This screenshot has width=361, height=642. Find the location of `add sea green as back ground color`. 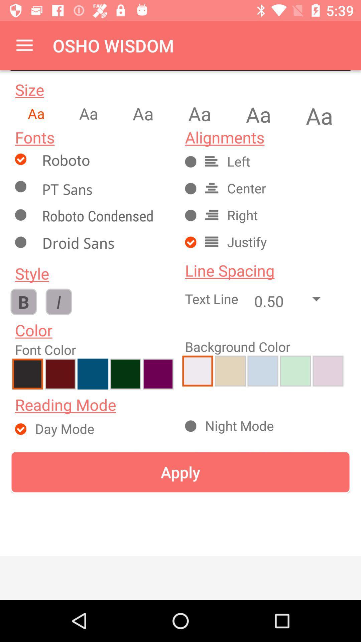

add sea green as back ground color is located at coordinates (295, 370).